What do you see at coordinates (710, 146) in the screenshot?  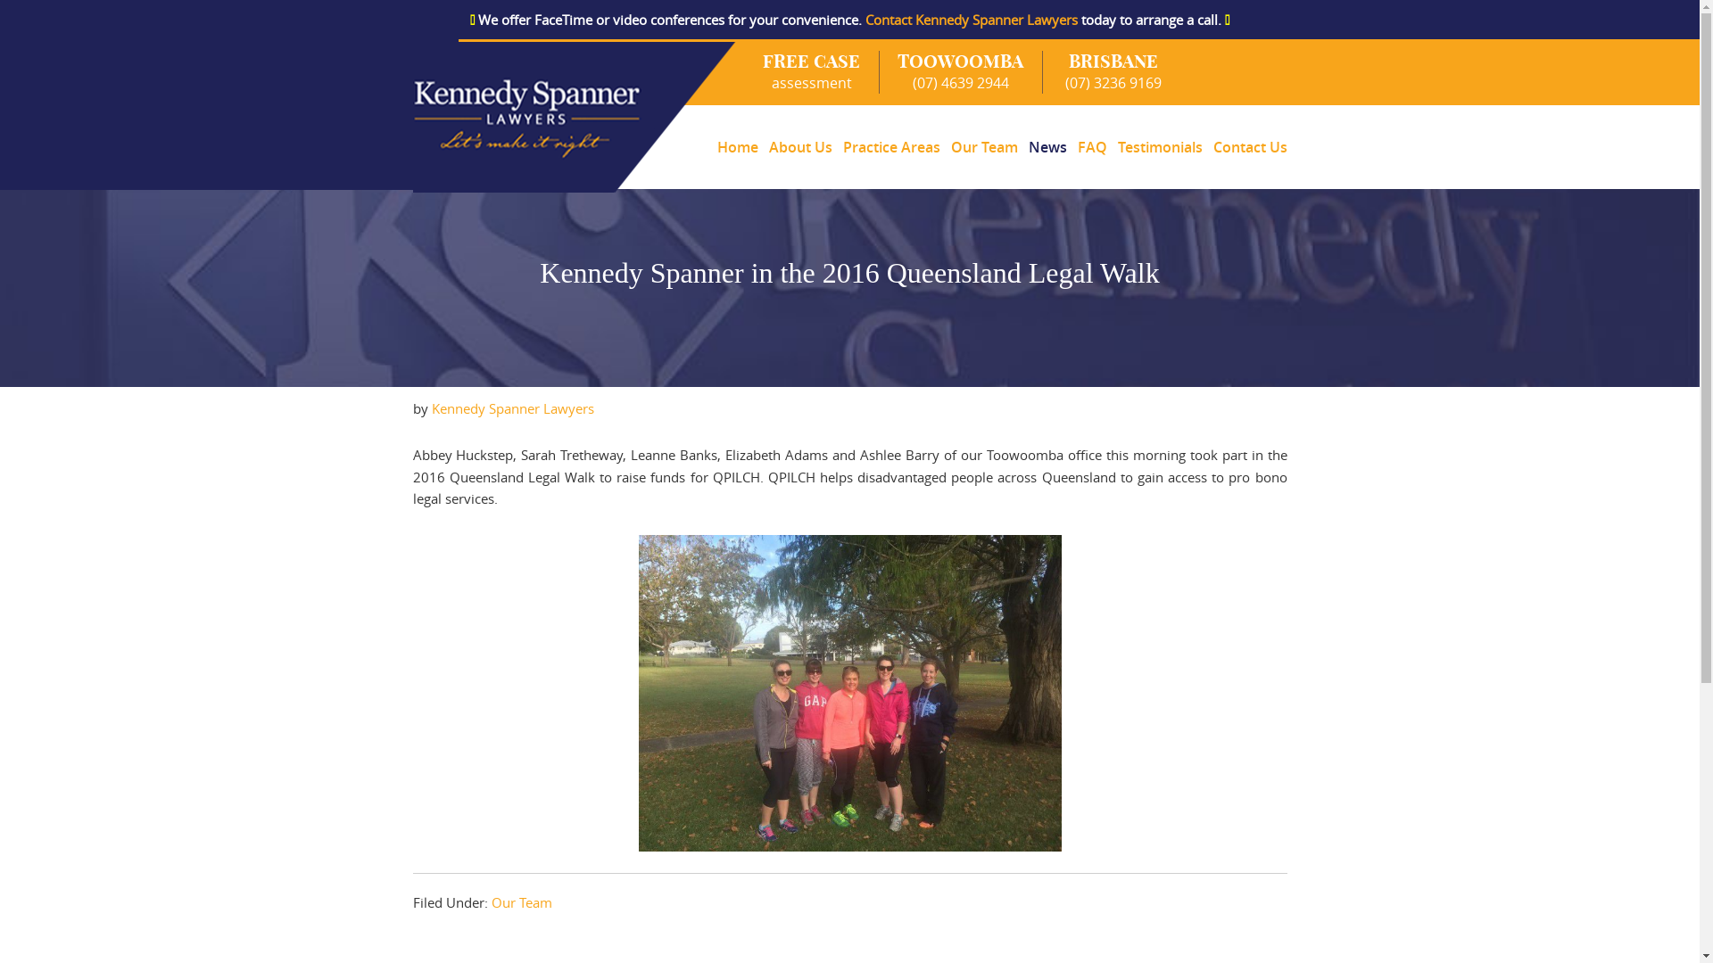 I see `'Home'` at bounding box center [710, 146].